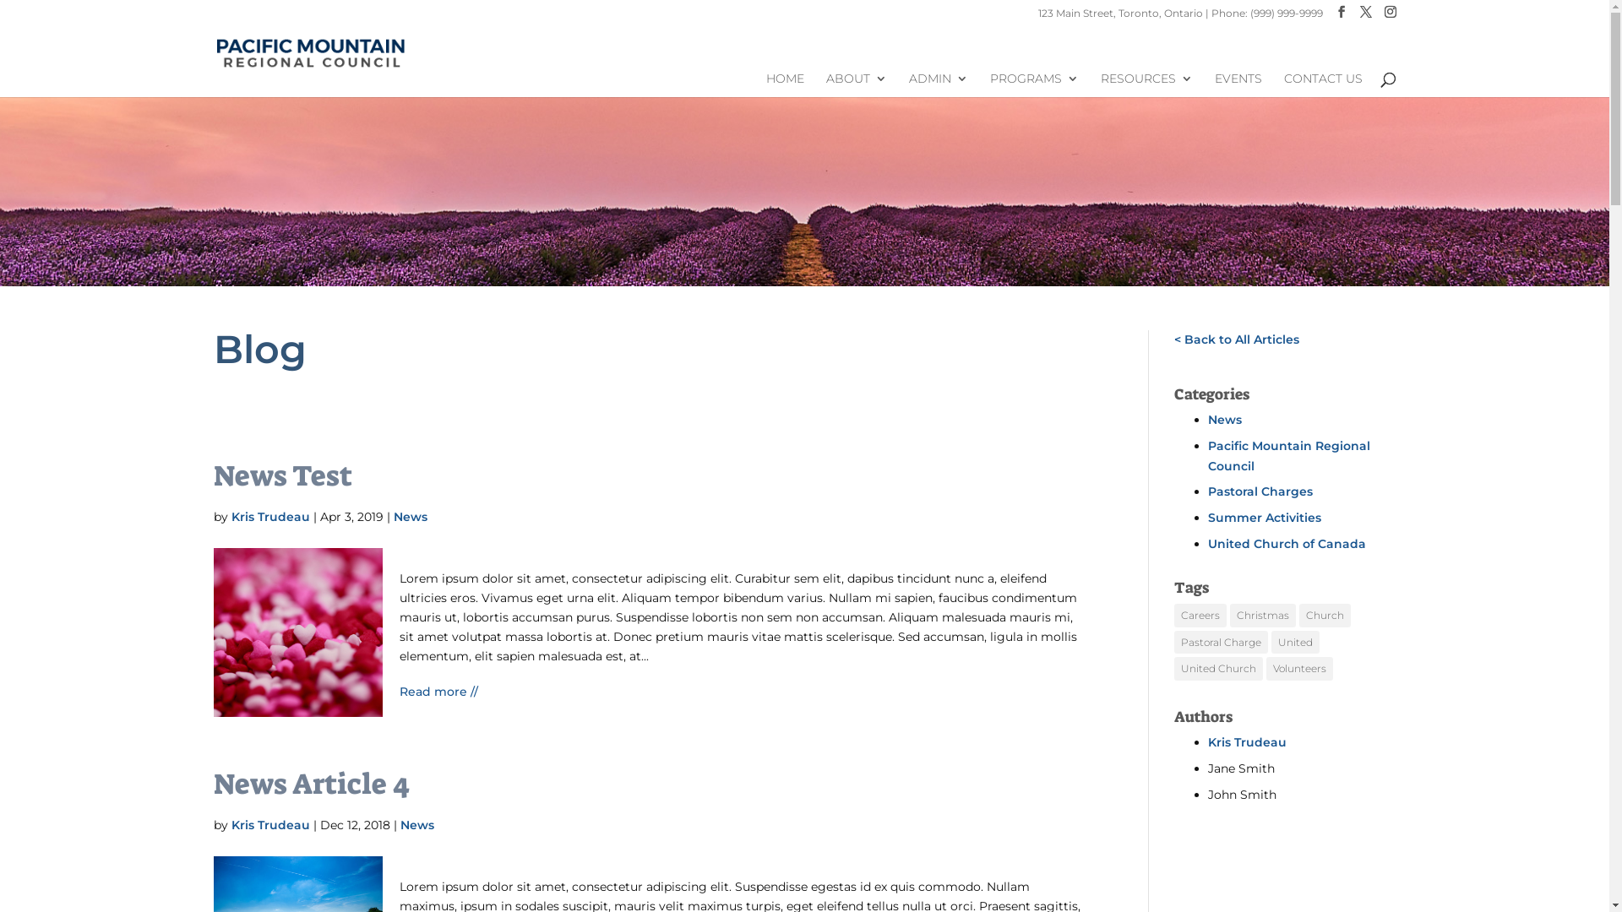 The height and width of the screenshot is (912, 1622). Describe the element at coordinates (438, 691) in the screenshot. I see `'Read more //'` at that location.